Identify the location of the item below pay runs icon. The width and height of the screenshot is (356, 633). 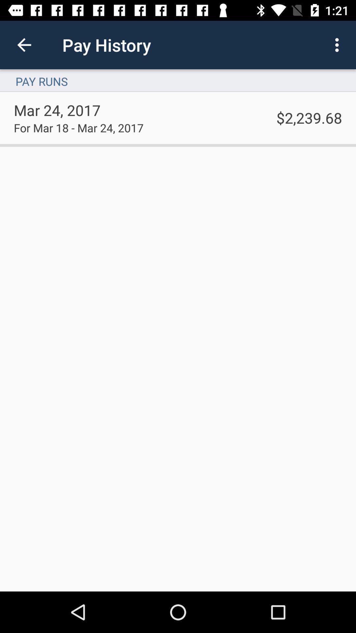
(309, 118).